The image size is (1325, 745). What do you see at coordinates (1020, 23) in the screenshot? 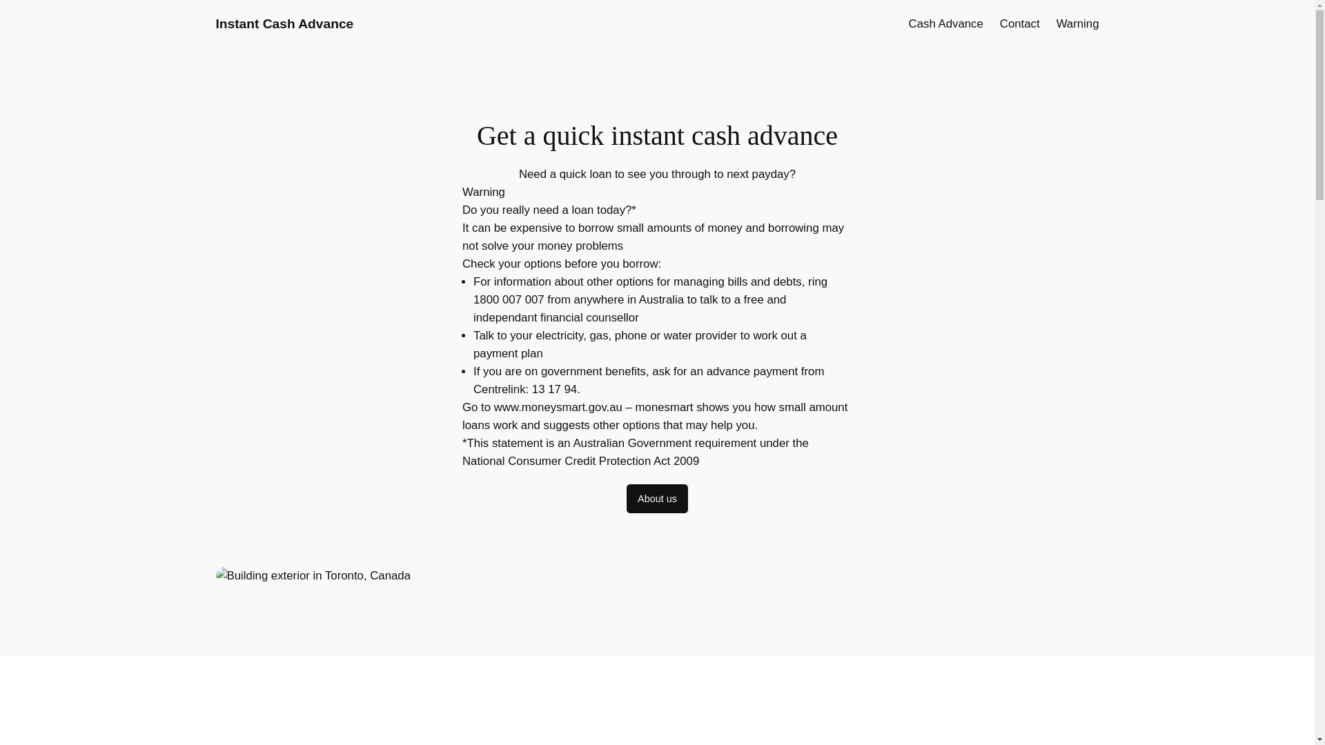
I see `'Contact'` at bounding box center [1020, 23].